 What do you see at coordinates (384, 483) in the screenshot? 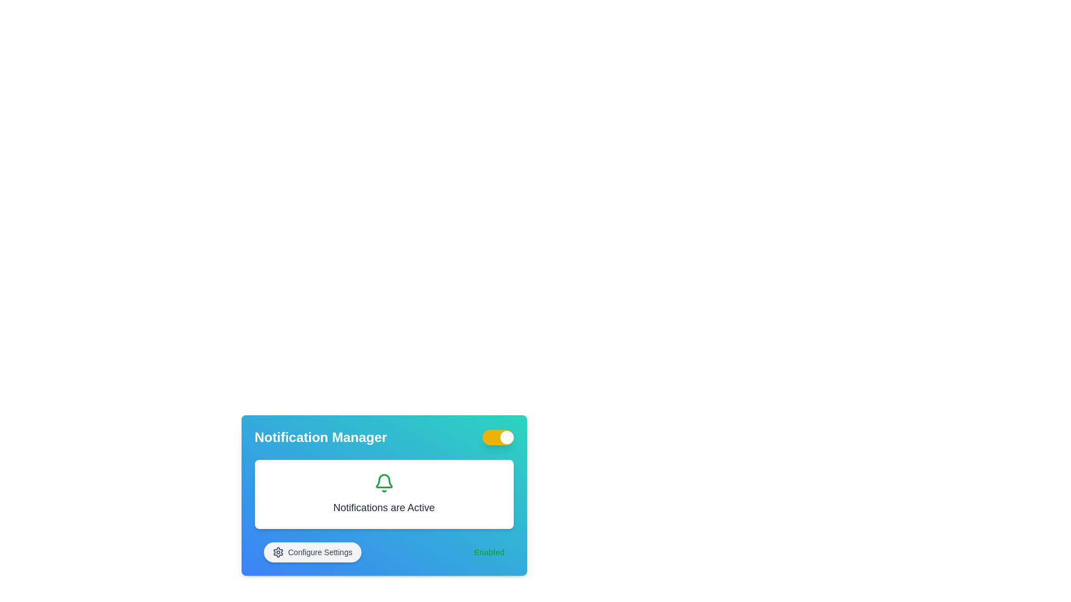
I see `the notification status icon that indicates notifications are currently active, positioned above the text 'Notifications are Active'` at bounding box center [384, 483].